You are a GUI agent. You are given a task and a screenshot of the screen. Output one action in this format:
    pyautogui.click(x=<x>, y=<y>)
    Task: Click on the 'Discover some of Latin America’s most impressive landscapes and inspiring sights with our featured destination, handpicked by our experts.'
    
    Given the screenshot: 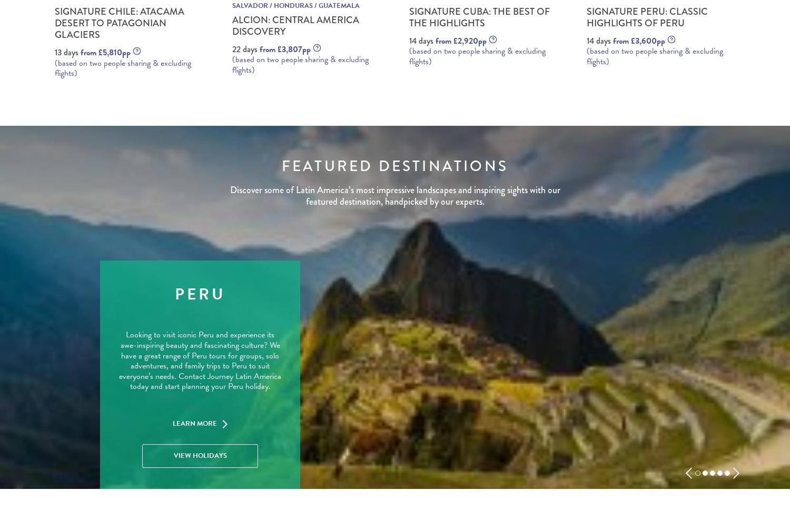 What is the action you would take?
    pyautogui.click(x=394, y=195)
    